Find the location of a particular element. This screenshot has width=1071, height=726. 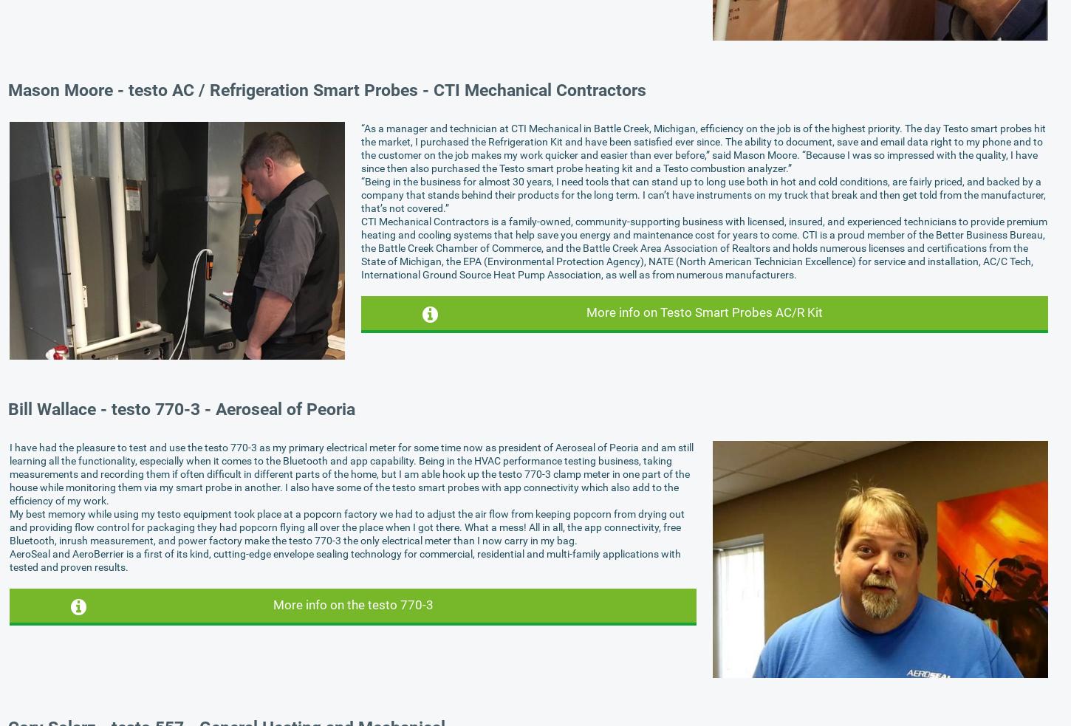

'My best memory while using my testo equipment took place at a popcorn factory we had to adjust the air flow from keeping popcorn from drying out and providing flow control for packaging they had popcorn flying all over the place when I got there. What a mess! All in all, the app connectivity, free Bluetooth, inrush measurement, and power factory make the testo 770-3 the only electrical meter than I now carry in my bag.' is located at coordinates (346, 526).